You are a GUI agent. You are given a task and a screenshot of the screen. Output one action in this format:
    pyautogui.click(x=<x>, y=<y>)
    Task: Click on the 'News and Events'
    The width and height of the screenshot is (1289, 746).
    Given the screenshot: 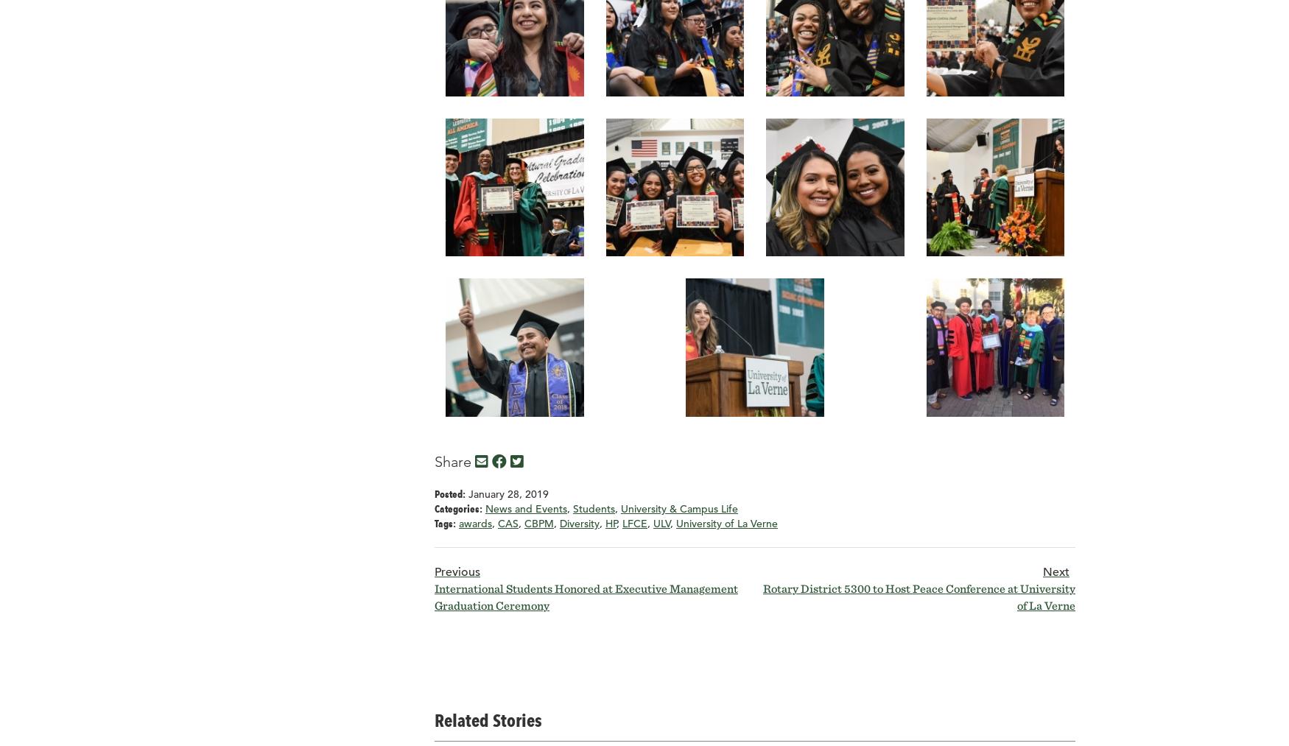 What is the action you would take?
    pyautogui.click(x=485, y=507)
    